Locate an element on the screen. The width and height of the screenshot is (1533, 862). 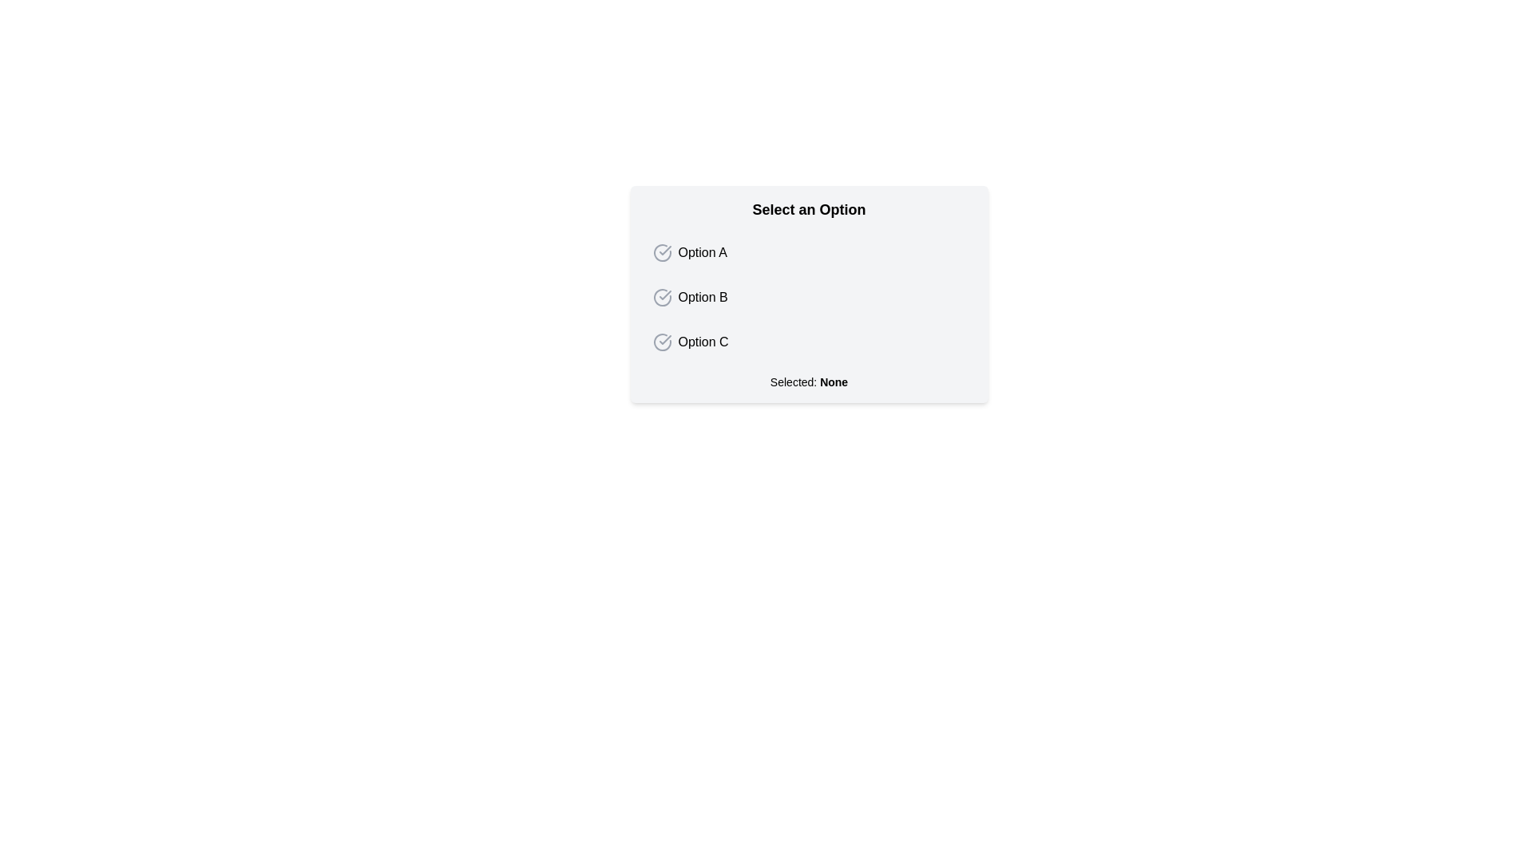
the option in the Dropdown-like selection group with checkboxes is located at coordinates (809, 295).